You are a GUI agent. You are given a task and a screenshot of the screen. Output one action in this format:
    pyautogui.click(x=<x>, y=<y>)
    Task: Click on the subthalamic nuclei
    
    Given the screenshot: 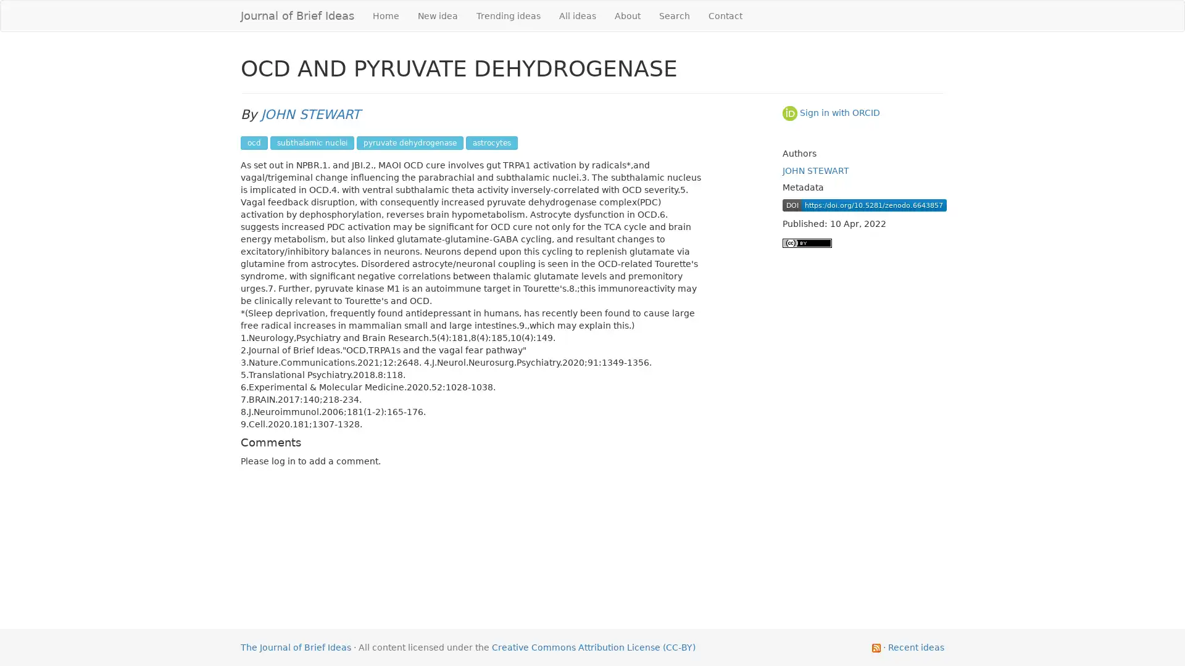 What is the action you would take?
    pyautogui.click(x=312, y=142)
    